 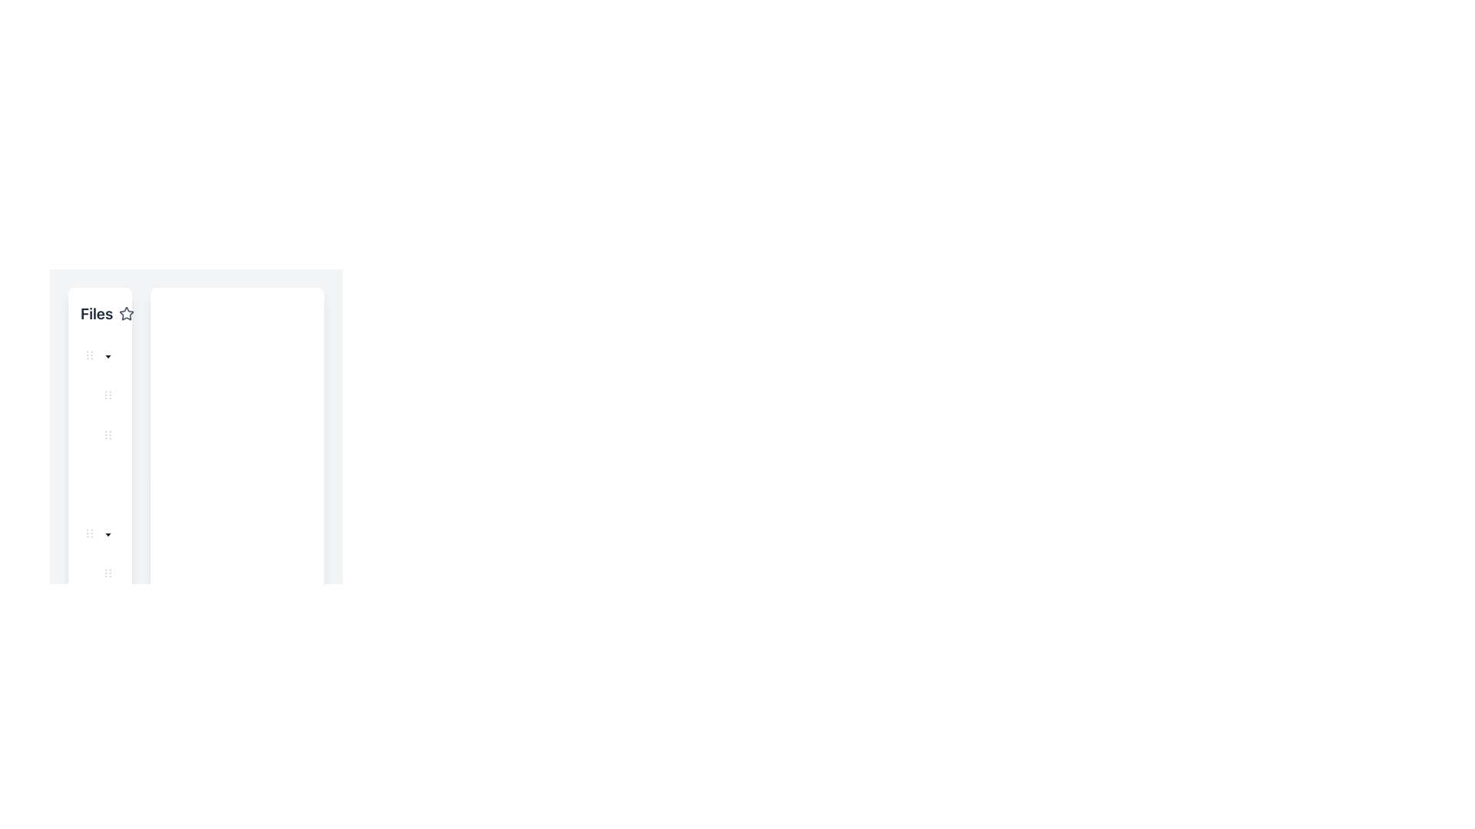 I want to click on the share button located on the right side of a horizontal group of buttons, which is the second element in the group, so click(x=161, y=312).